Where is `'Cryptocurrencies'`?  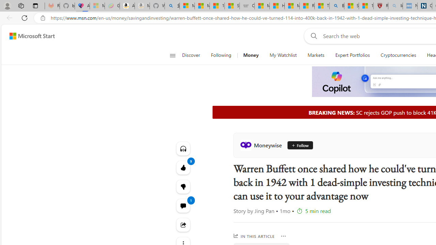
'Cryptocurrencies' is located at coordinates (398, 55).